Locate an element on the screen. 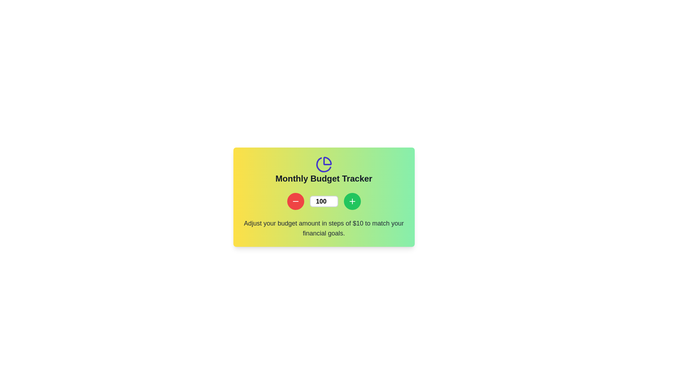 The width and height of the screenshot is (680, 383). the green circular button with a plus icon to increment the value displayed in the adjacent input box is located at coordinates (352, 201).